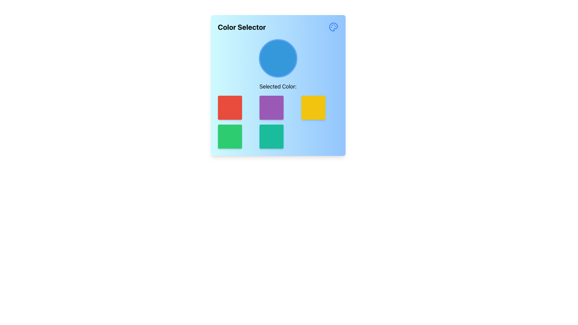  I want to click on the interactive color selection block with a red fill and rounded corners, located in the first row and first column of the color selection grid, so click(229, 107).